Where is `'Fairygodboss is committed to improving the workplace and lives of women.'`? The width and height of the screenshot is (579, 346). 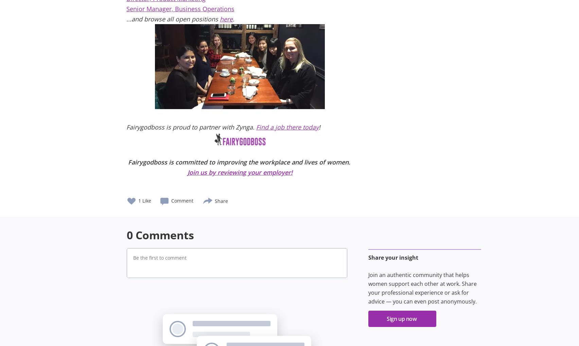
'Fairygodboss is committed to improving the workplace and lives of women.' is located at coordinates (127, 162).